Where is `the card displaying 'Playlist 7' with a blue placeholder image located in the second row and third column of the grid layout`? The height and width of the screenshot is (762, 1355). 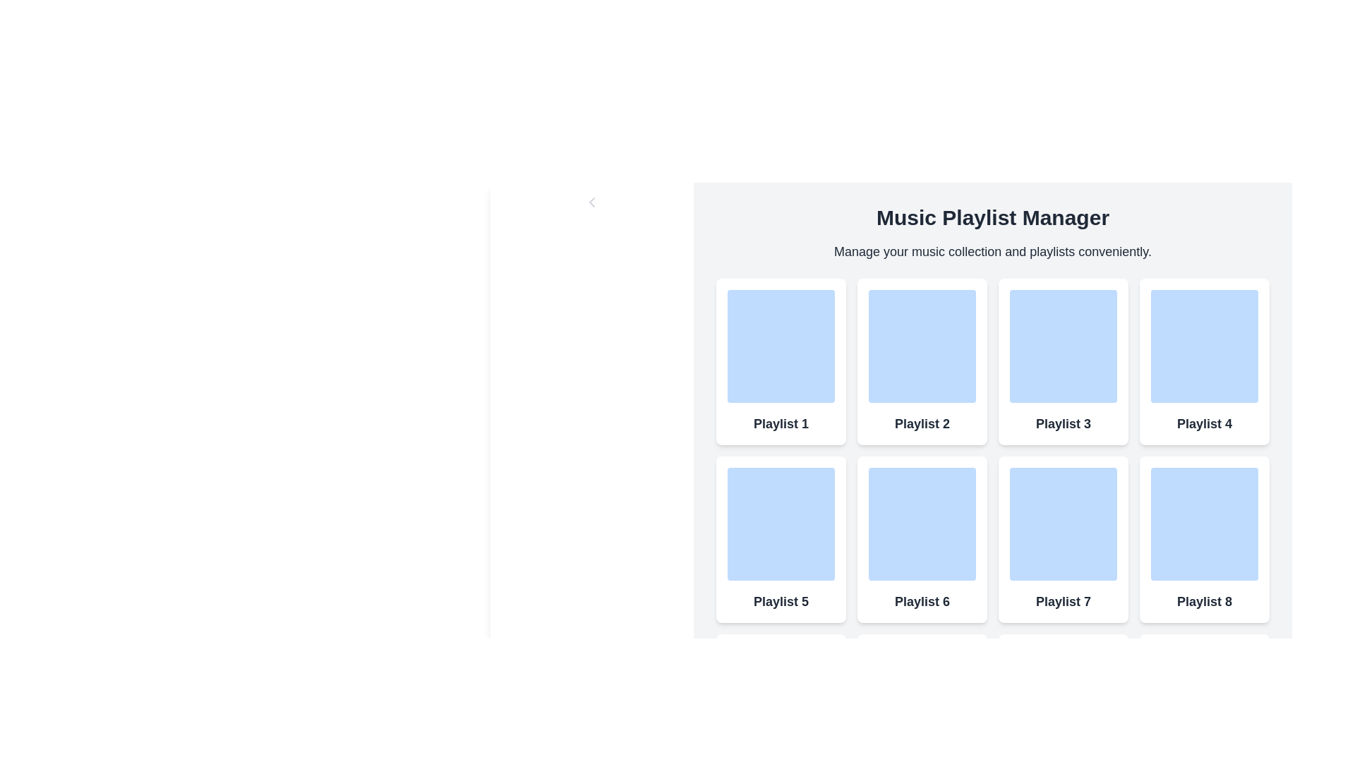
the card displaying 'Playlist 7' with a blue placeholder image located in the second row and third column of the grid layout is located at coordinates (1064, 539).